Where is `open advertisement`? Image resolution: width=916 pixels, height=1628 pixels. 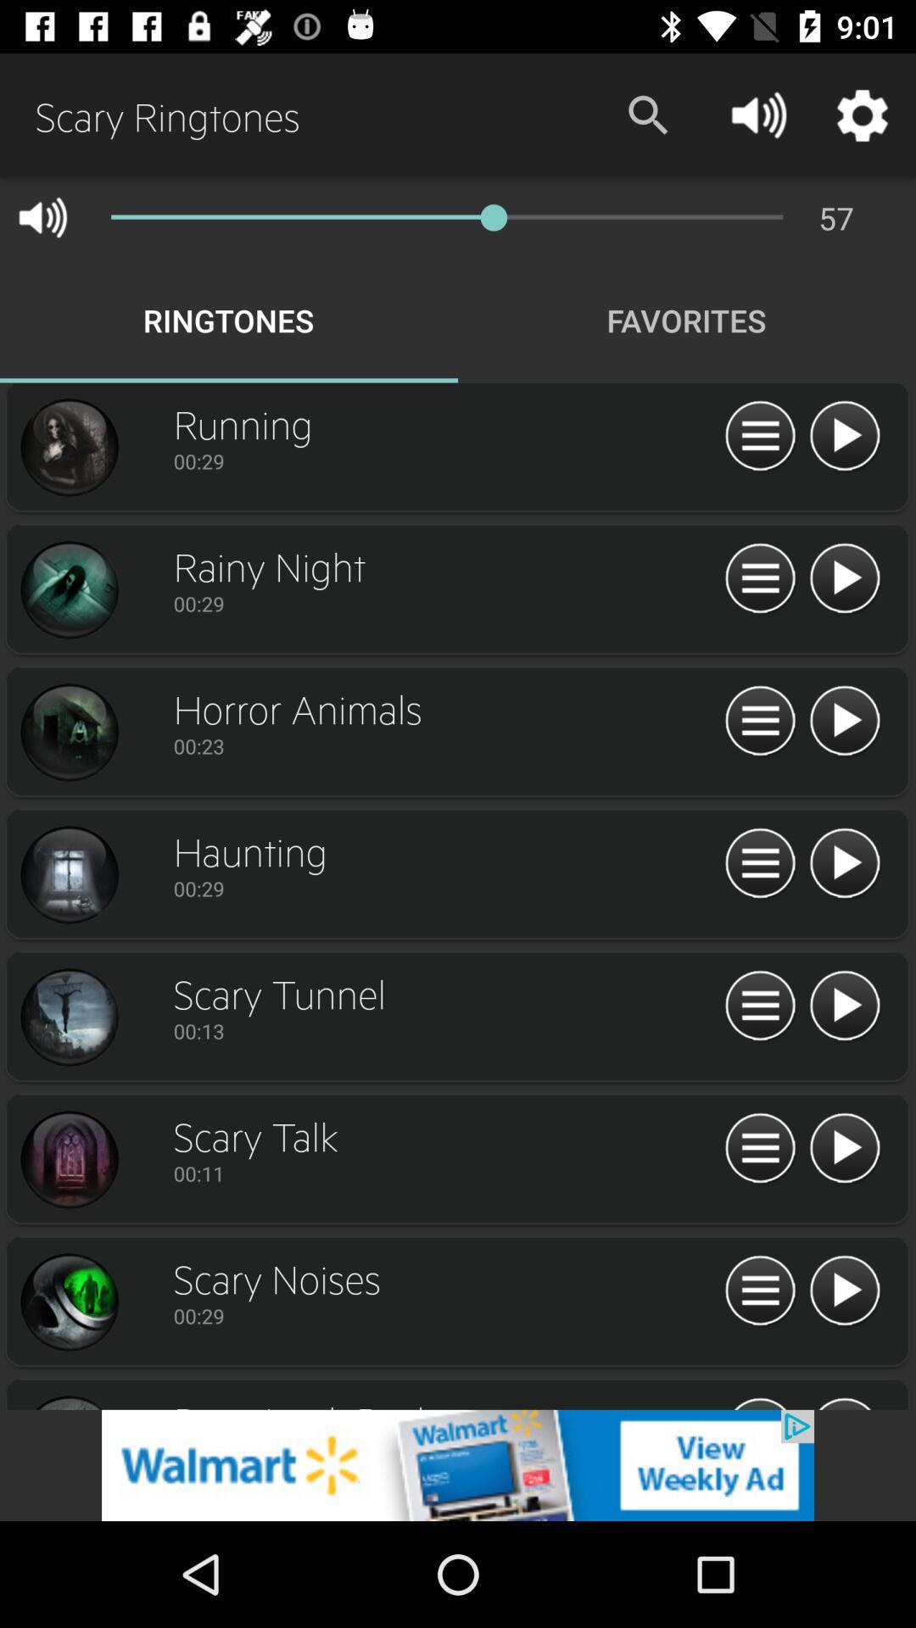
open advertisement is located at coordinates (458, 1464).